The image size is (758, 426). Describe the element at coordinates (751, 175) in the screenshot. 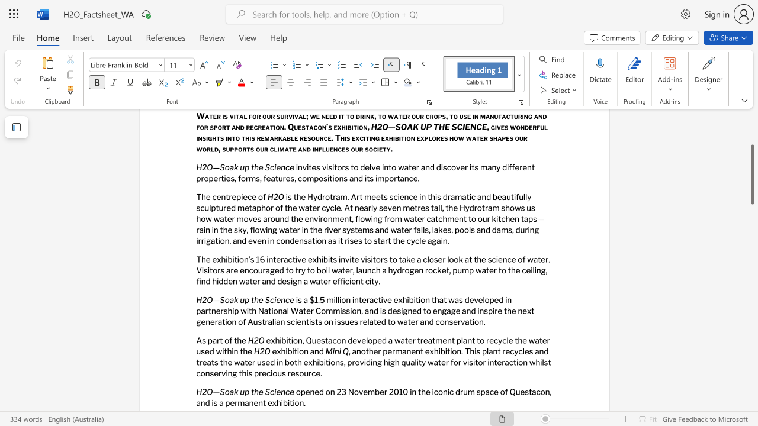

I see `the scrollbar and move up 140 pixels` at that location.